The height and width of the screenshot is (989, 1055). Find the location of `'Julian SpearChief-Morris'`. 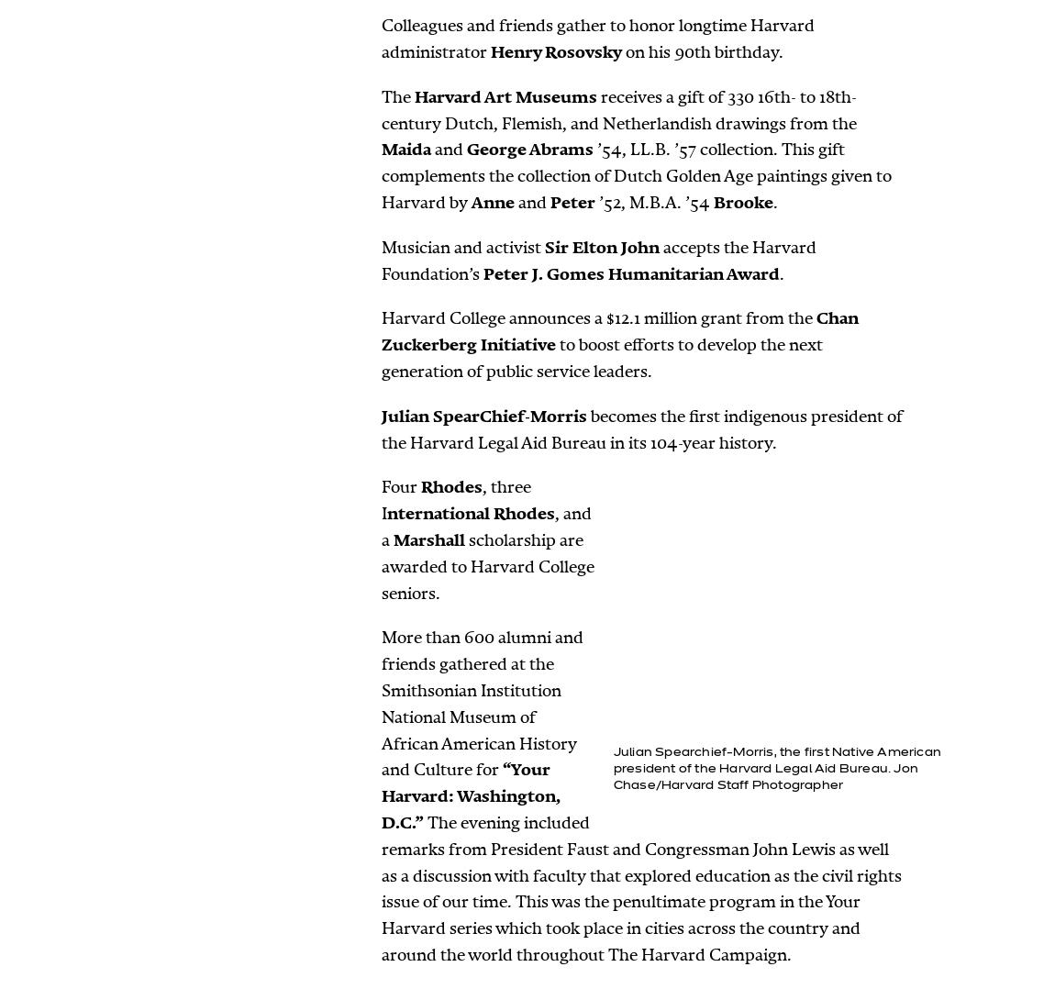

'Julian SpearChief-Morris' is located at coordinates (381, 415).